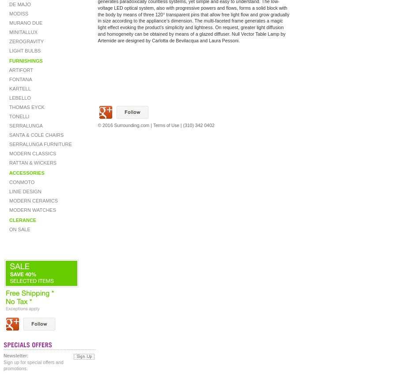 The image size is (401, 383). What do you see at coordinates (19, 98) in the screenshot?
I see `'LEBELLO'` at bounding box center [19, 98].